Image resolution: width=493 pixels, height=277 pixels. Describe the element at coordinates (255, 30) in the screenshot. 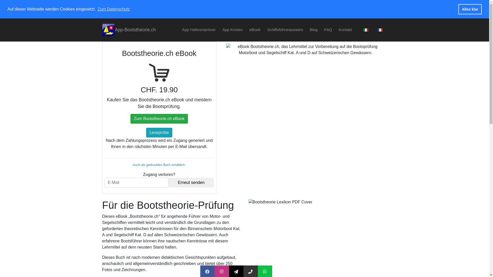

I see `'eBook'` at that location.